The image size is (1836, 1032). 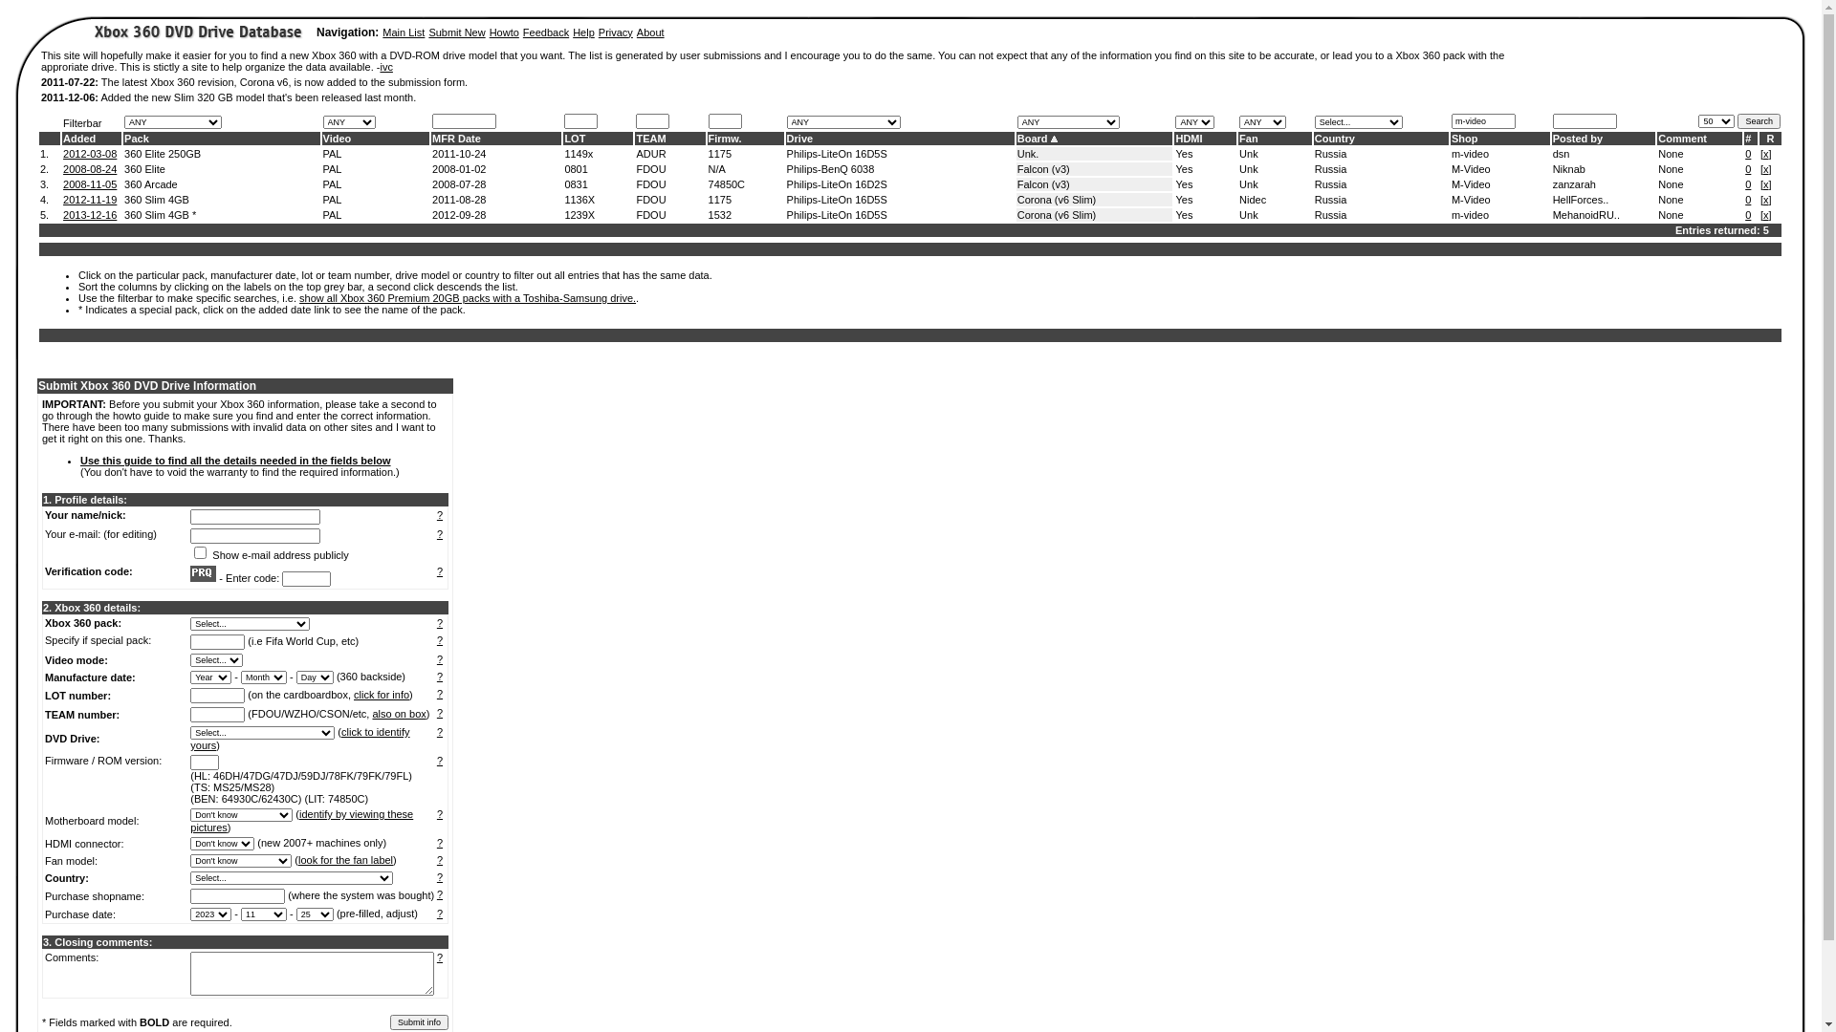 I want to click on '2008-07-28', so click(x=459, y=183).